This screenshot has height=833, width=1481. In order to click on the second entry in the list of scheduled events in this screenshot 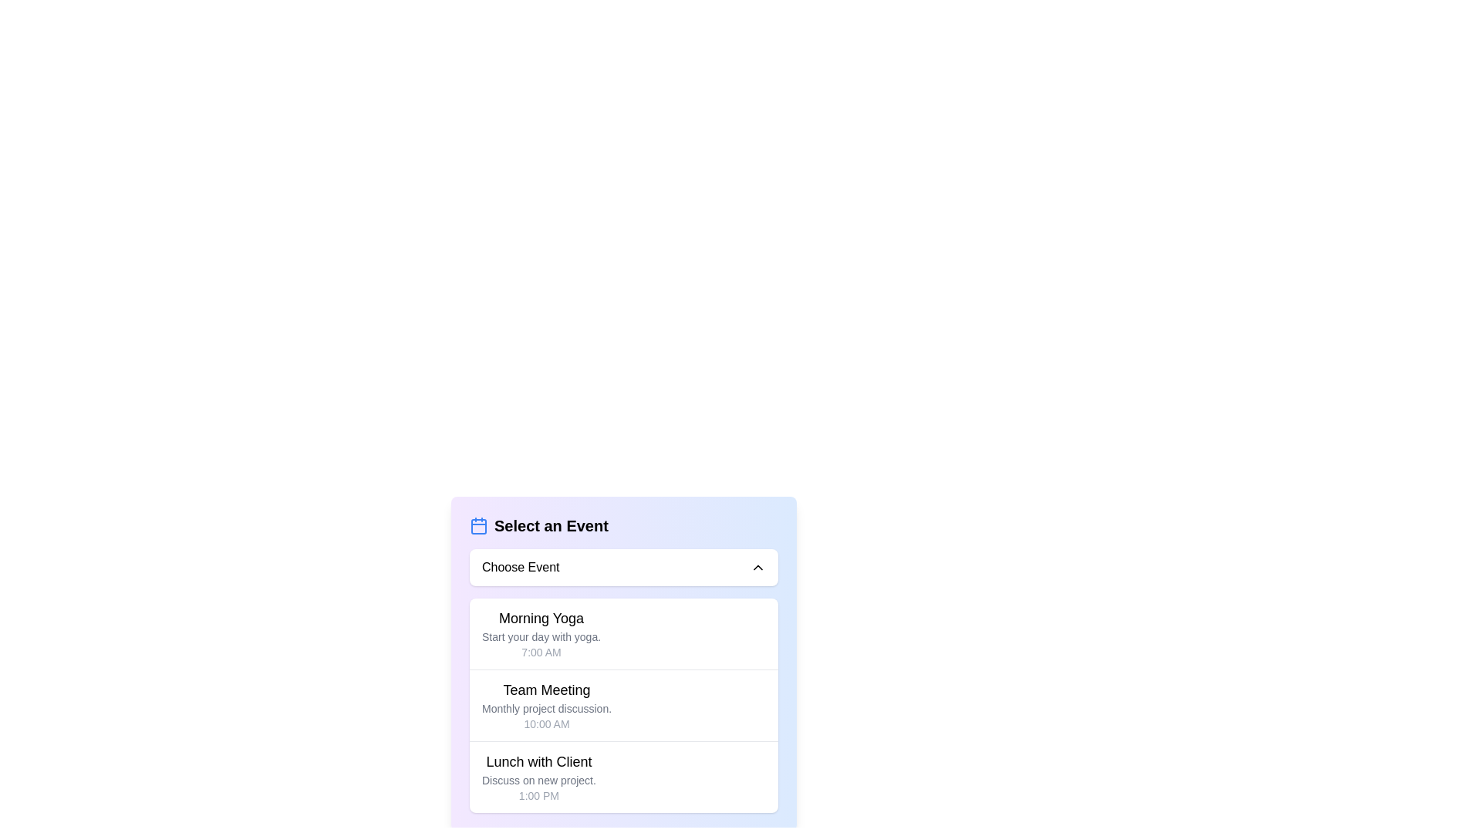, I will do `click(624, 705)`.